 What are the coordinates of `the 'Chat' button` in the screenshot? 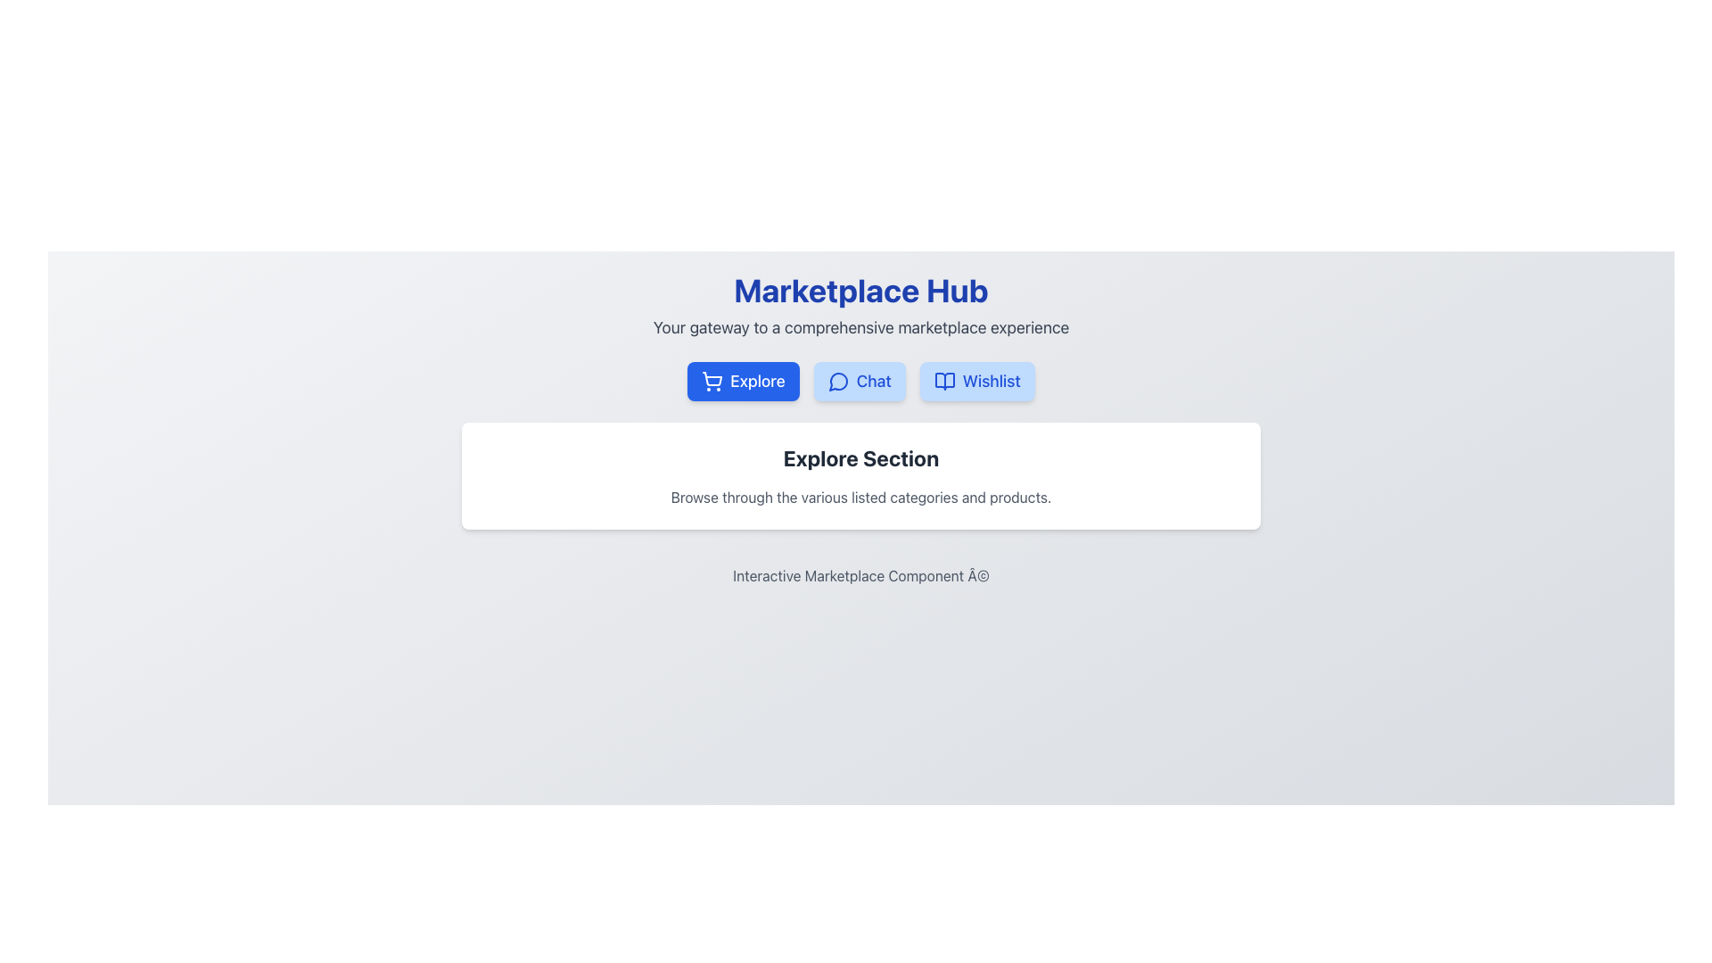 It's located at (860, 381).